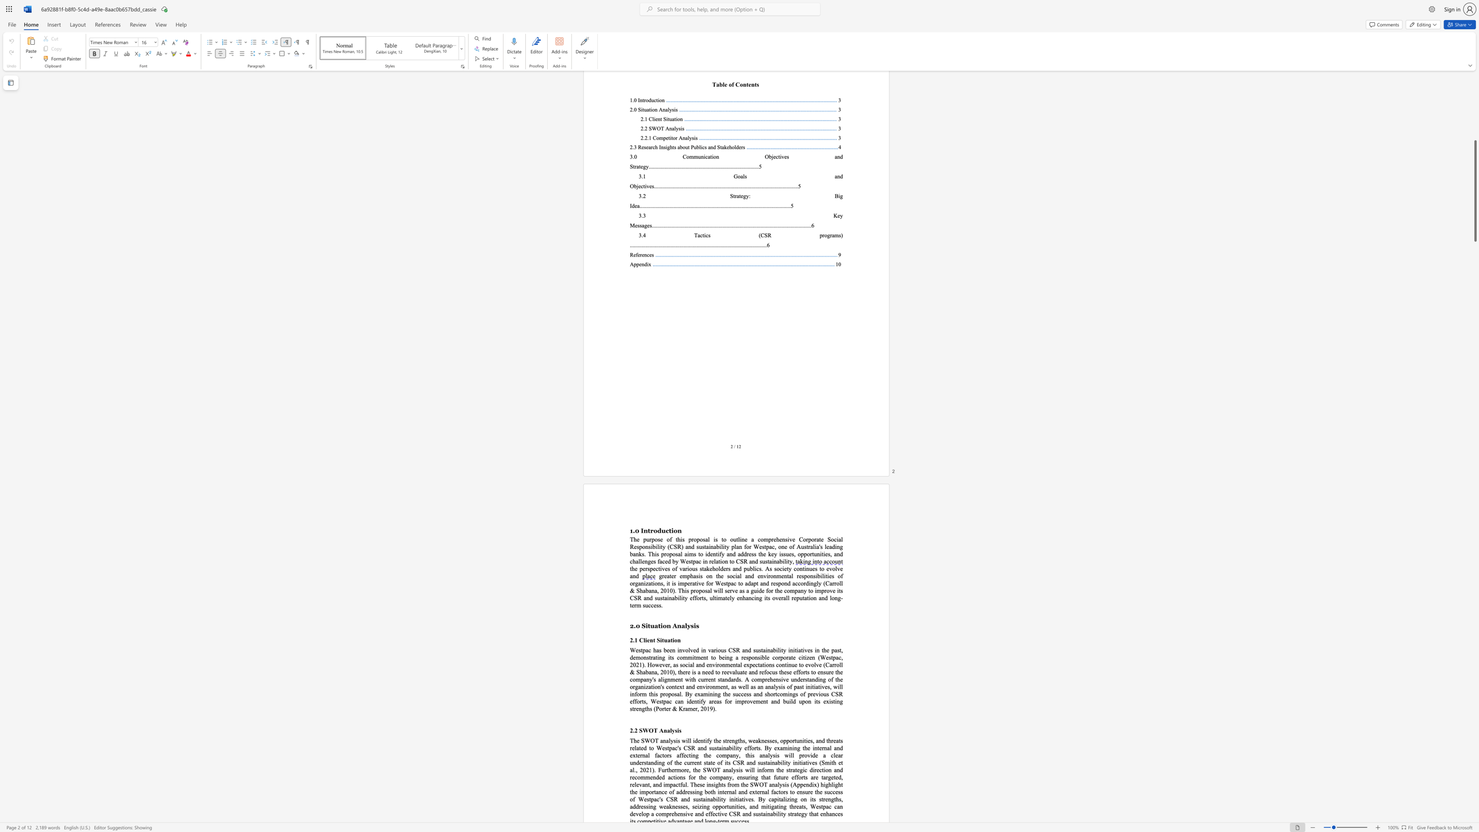 The image size is (1479, 832). Describe the element at coordinates (785, 702) in the screenshot. I see `the subset text "uild upon its existing strengths (Port" within the text "areas for improvement and build upon its existing strengths (Porter & Kramer, 2019)."` at that location.